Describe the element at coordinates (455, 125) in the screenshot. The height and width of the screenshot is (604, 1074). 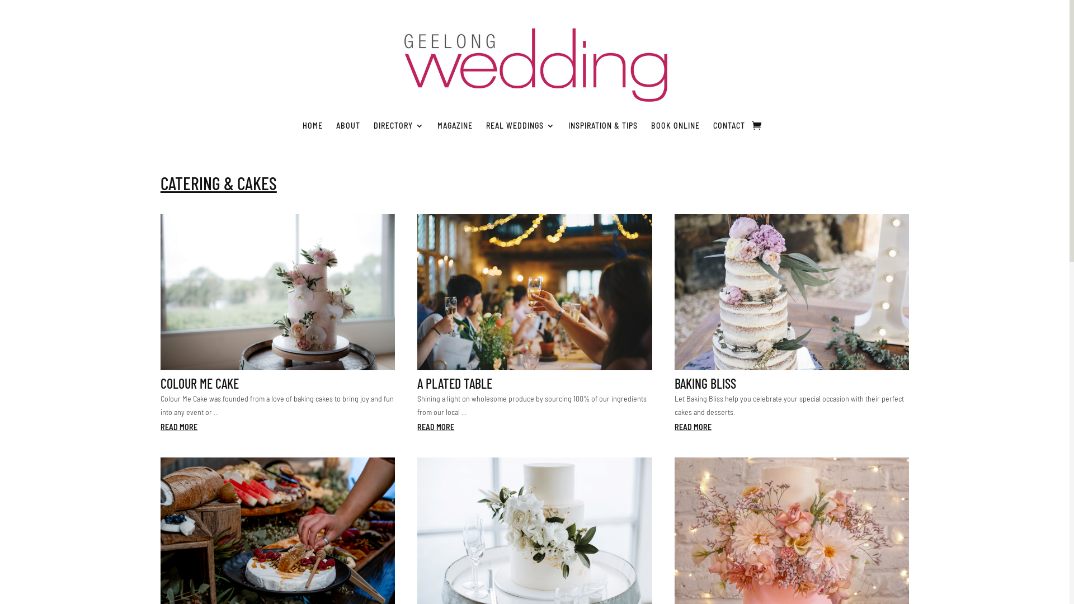
I see `'MAGAZINE'` at that location.